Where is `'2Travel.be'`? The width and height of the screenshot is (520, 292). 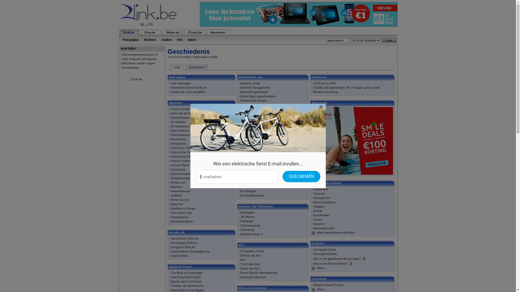 '2Travel.be' is located at coordinates (194, 32).